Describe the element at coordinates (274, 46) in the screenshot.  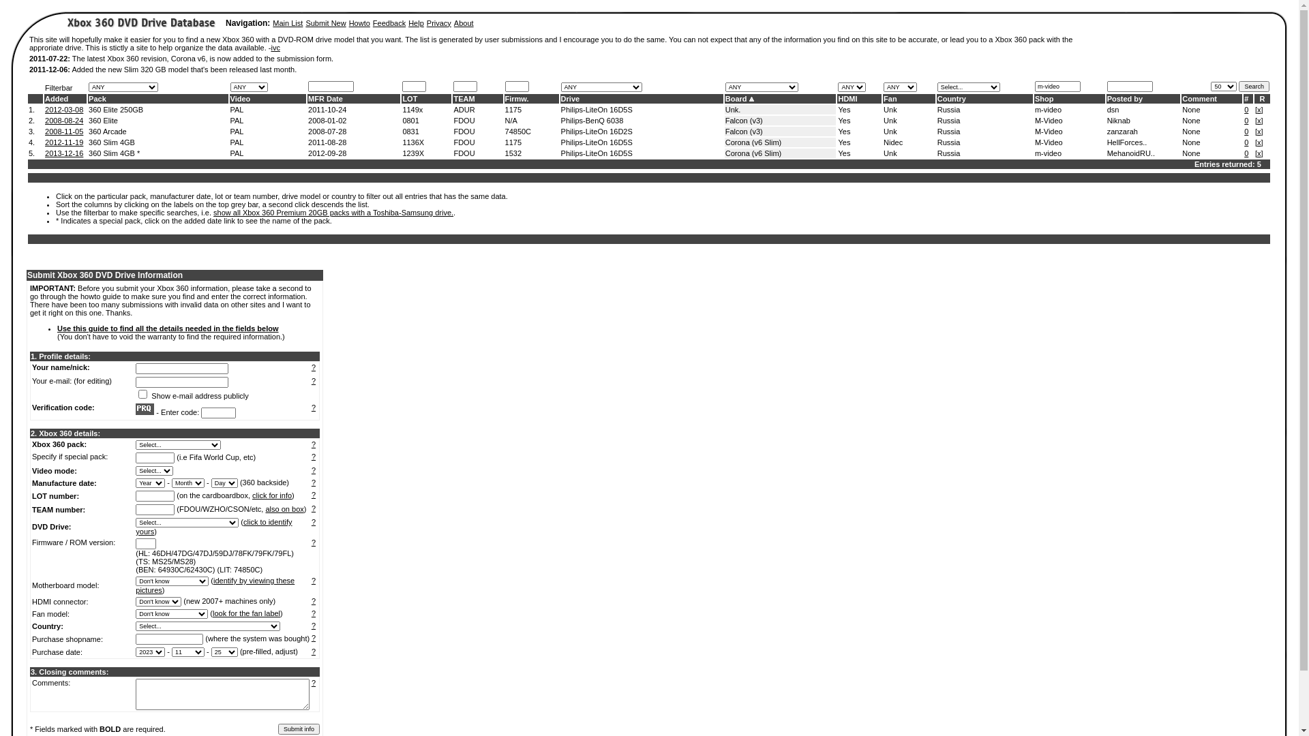
I see `'ivc'` at that location.